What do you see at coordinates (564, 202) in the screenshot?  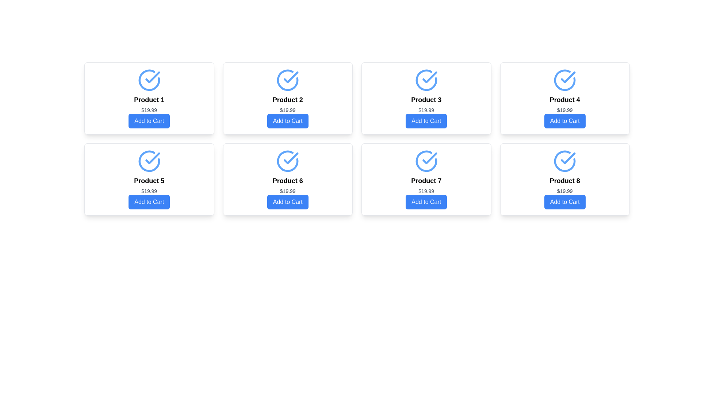 I see `the button located at the bottom of the last product card in the second row of the grid layout` at bounding box center [564, 202].